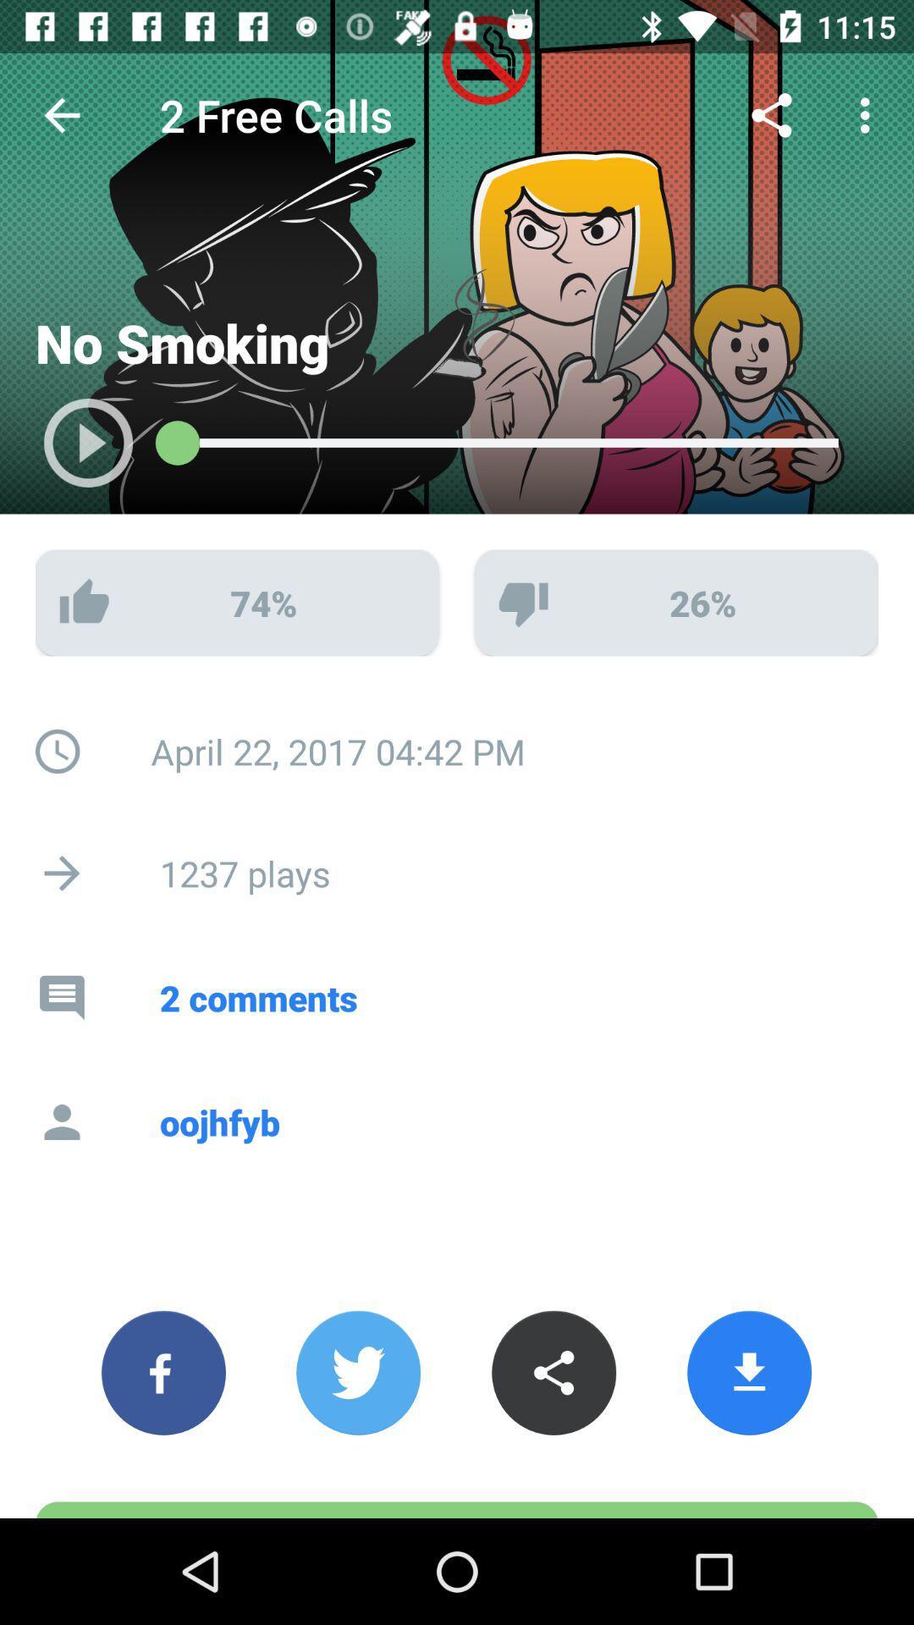 The height and width of the screenshot is (1625, 914). Describe the element at coordinates (163, 1373) in the screenshot. I see `the facebook icon` at that location.